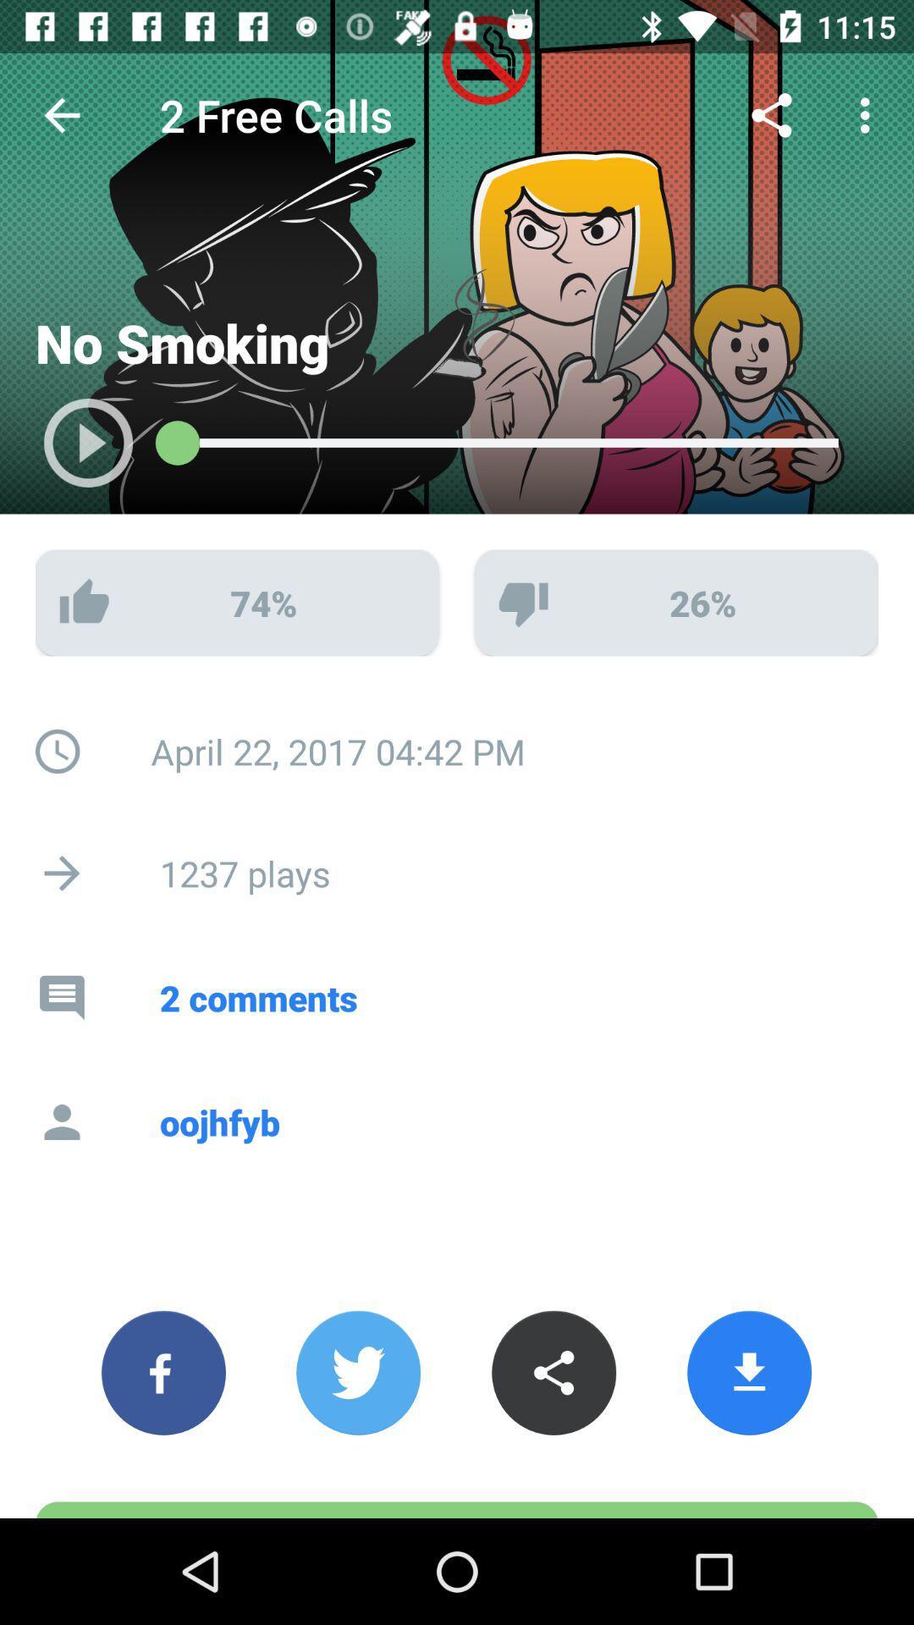 The height and width of the screenshot is (1625, 914). Describe the element at coordinates (163, 1373) in the screenshot. I see `the facebook icon` at that location.